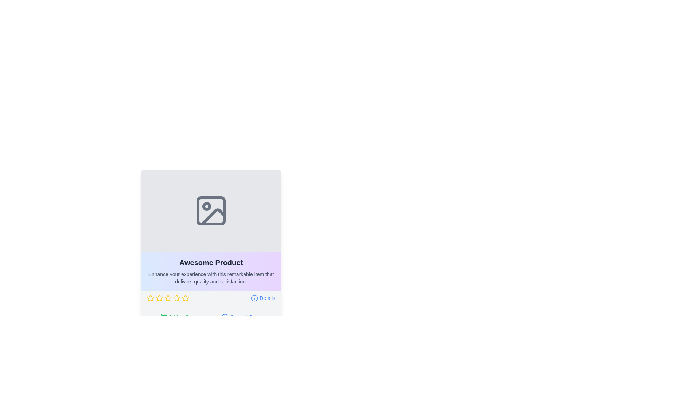 The image size is (700, 394). I want to click on the fourth star icon in the 5-star rating system, so click(185, 298).